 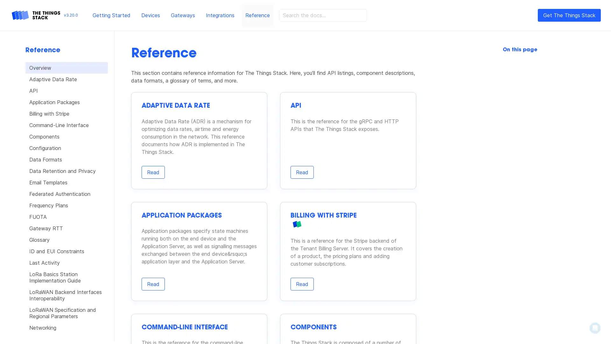 What do you see at coordinates (595, 328) in the screenshot?
I see `Open Intercom Messenger` at bounding box center [595, 328].